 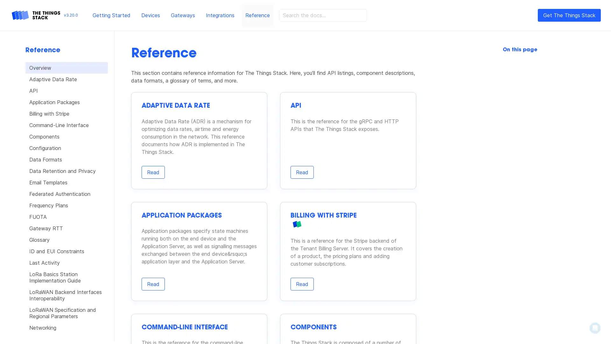 What do you see at coordinates (595, 328) in the screenshot?
I see `Open Intercom Messenger` at bounding box center [595, 328].